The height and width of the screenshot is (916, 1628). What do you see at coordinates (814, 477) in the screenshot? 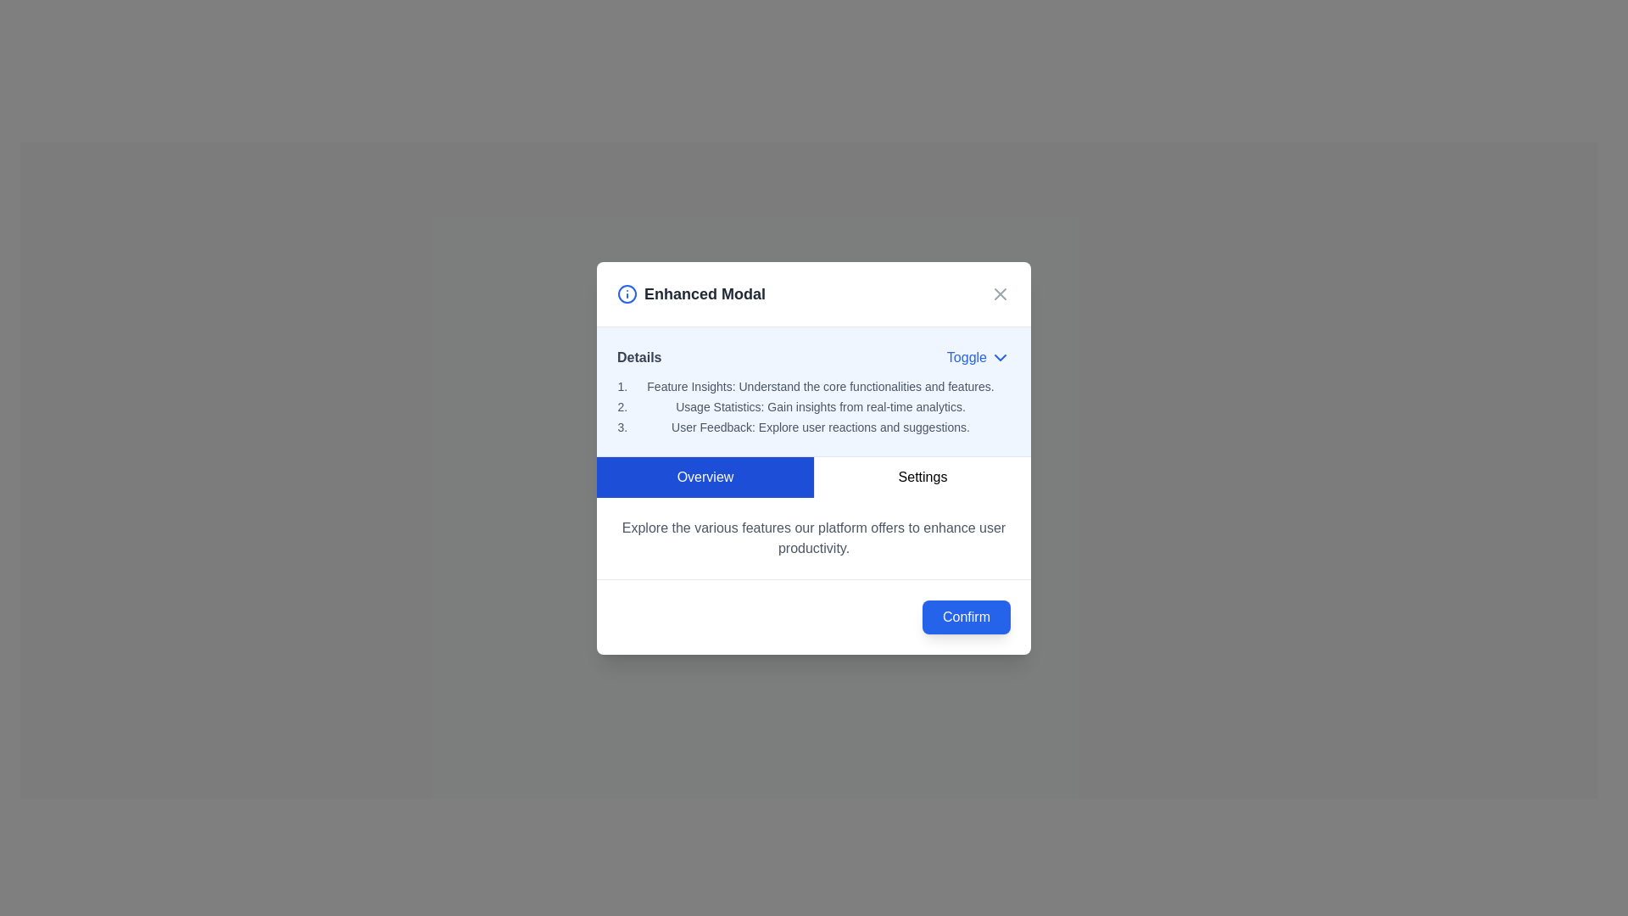
I see `the Tab switcher` at bounding box center [814, 477].